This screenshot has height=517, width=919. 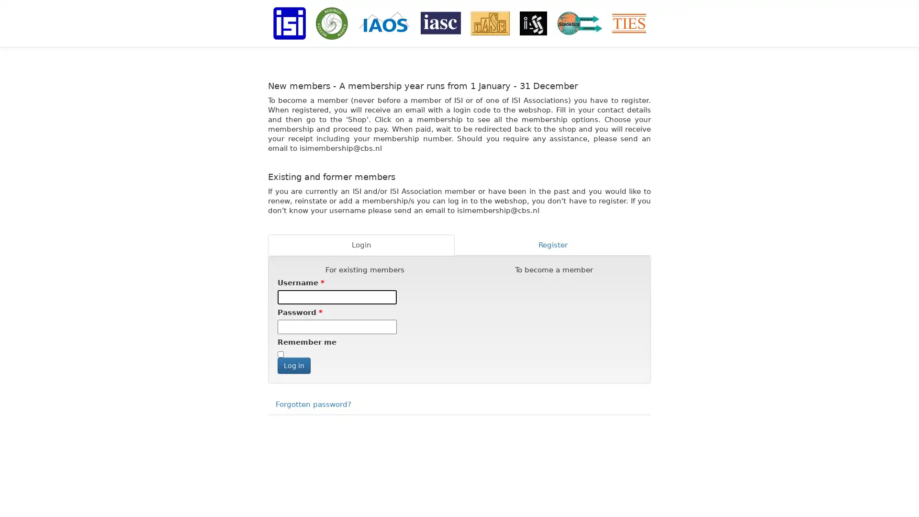 I want to click on Log in, so click(x=293, y=365).